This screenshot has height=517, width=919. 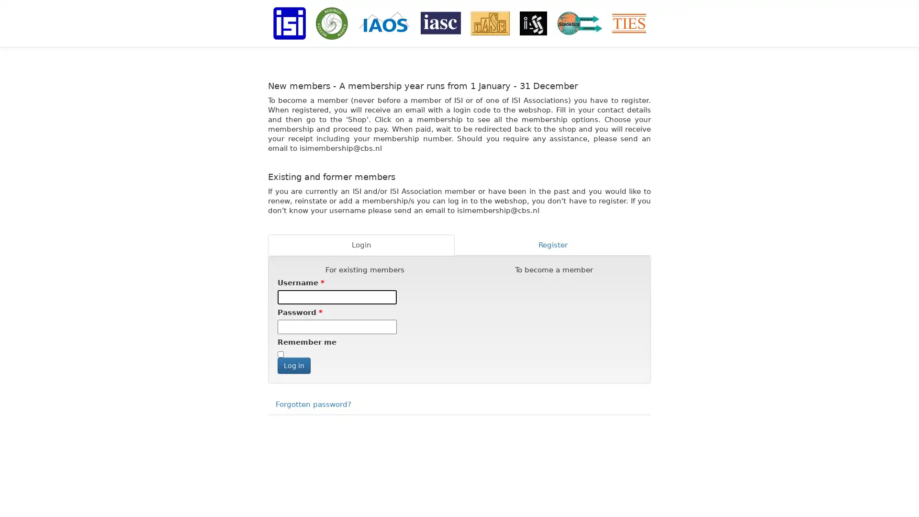 I want to click on Log in, so click(x=293, y=365).